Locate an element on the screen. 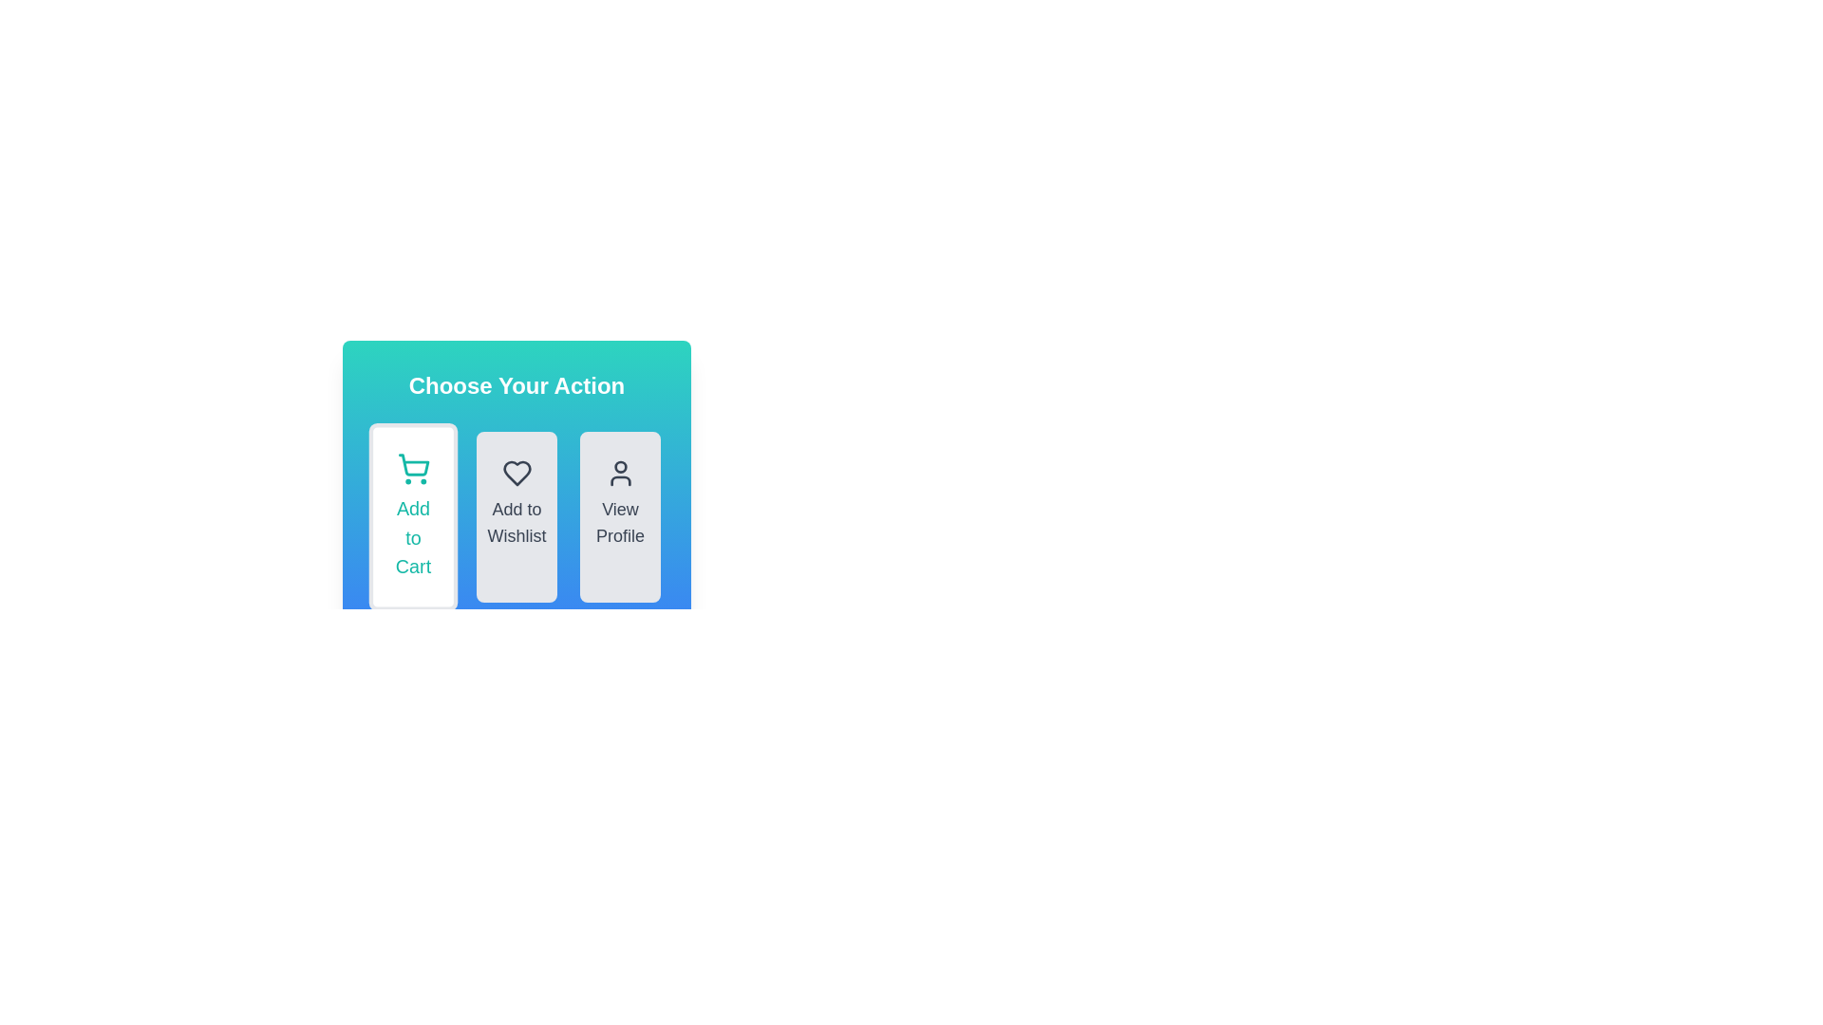  the 'Add to Cart' text label, which is displayed in a large, bold, teal font inside a rounded rectangle box with a white background is located at coordinates (412, 538).